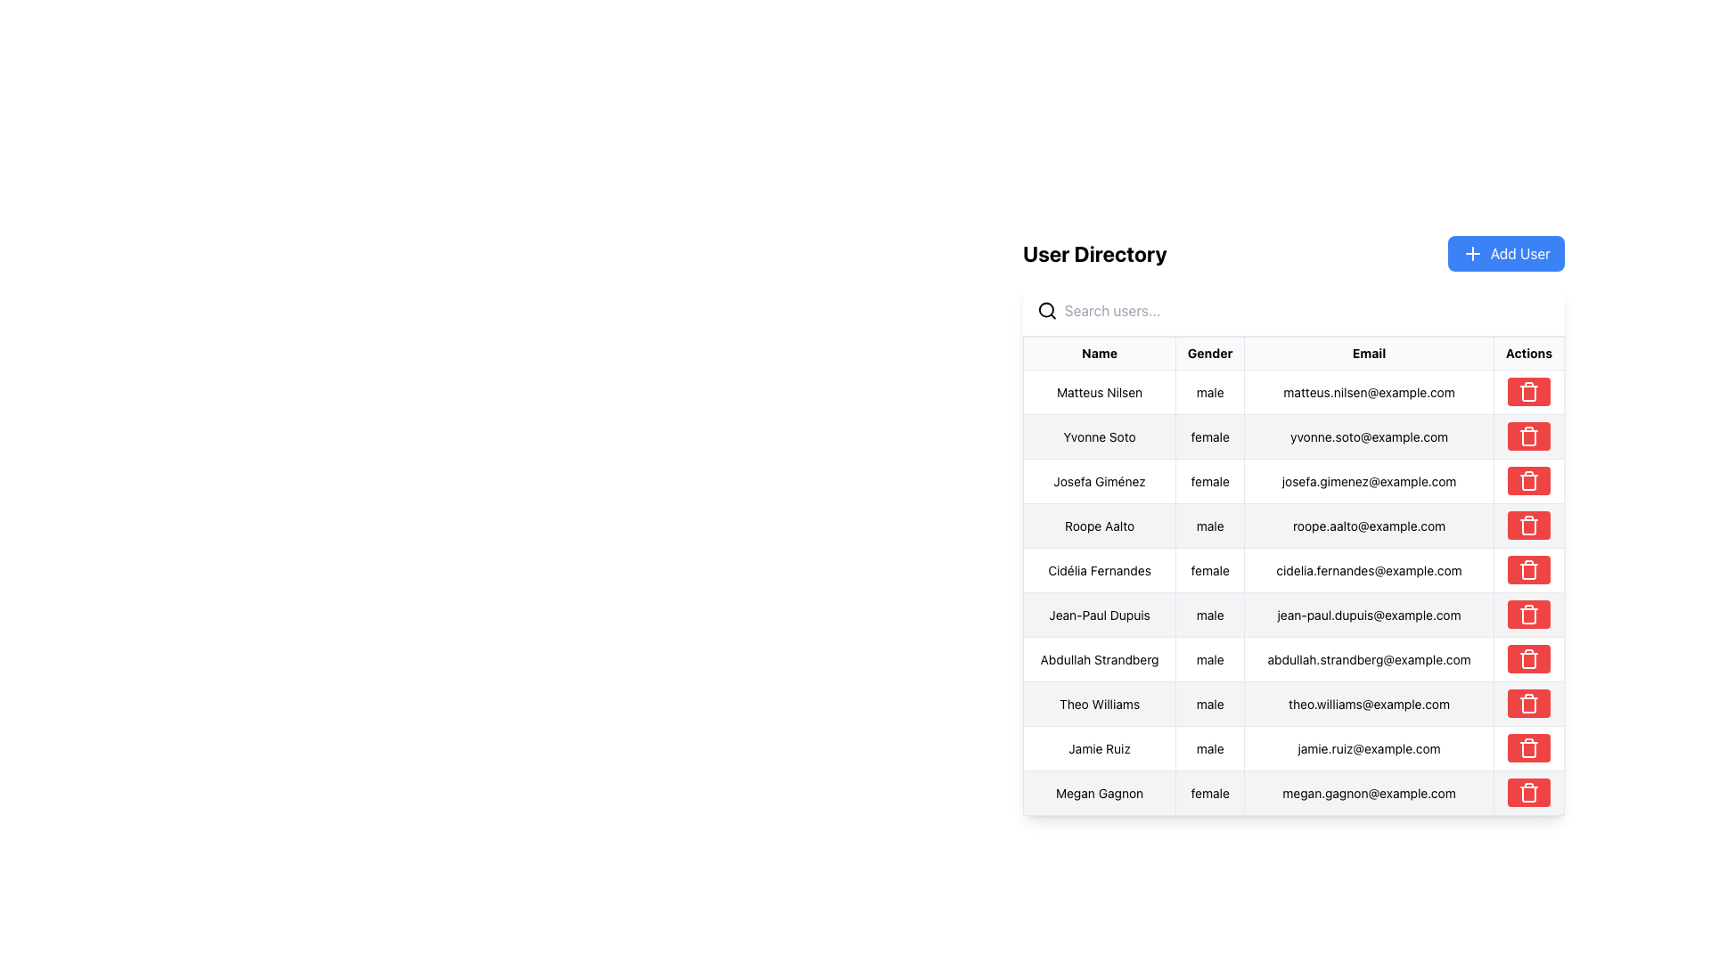  I want to click on the 'Actions' header text in the table header section, which is the fourth segment in a horizontal layout containing 'Name,' 'Gender,' 'Email,' and 'Actions.', so click(1527, 354).